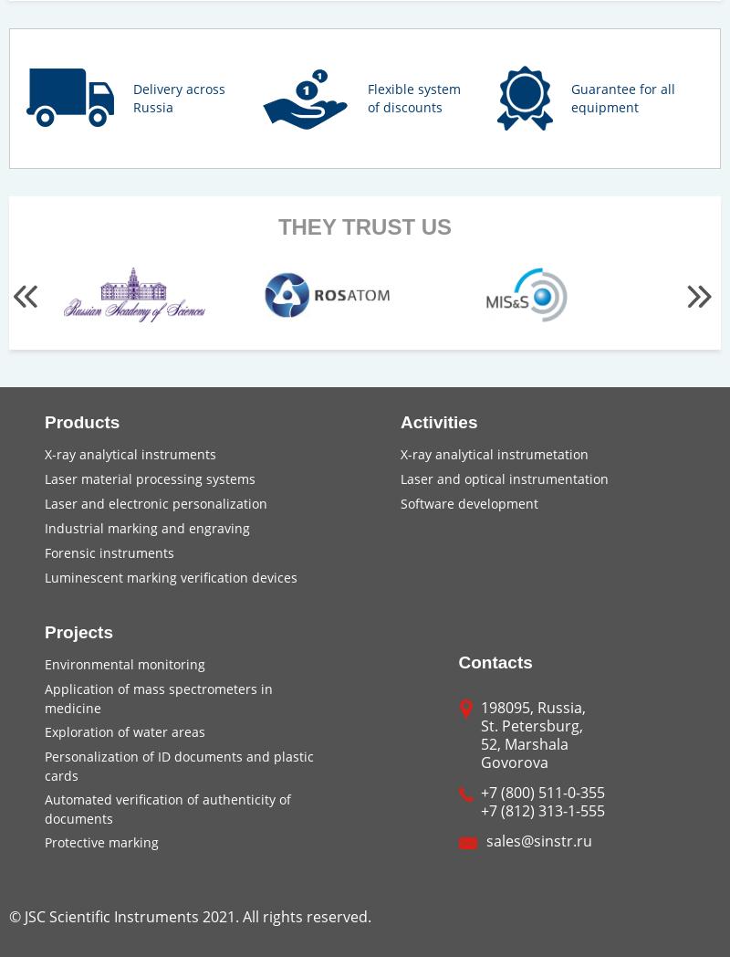 This screenshot has width=730, height=957. I want to click on 'Automated verification of authenticity of documents', so click(167, 807).